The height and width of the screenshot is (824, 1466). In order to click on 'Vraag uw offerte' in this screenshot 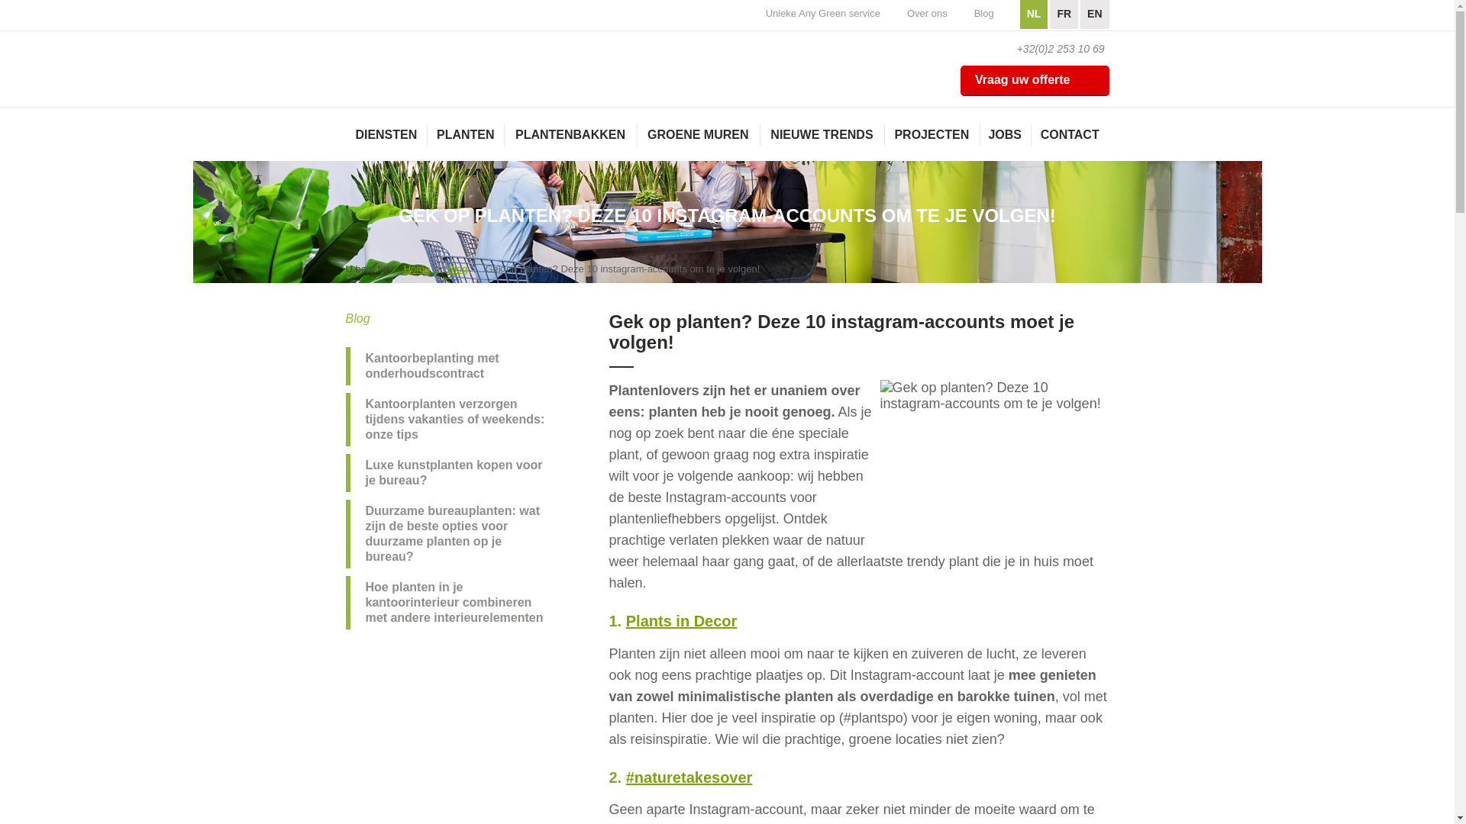, I will do `click(1034, 80)`.